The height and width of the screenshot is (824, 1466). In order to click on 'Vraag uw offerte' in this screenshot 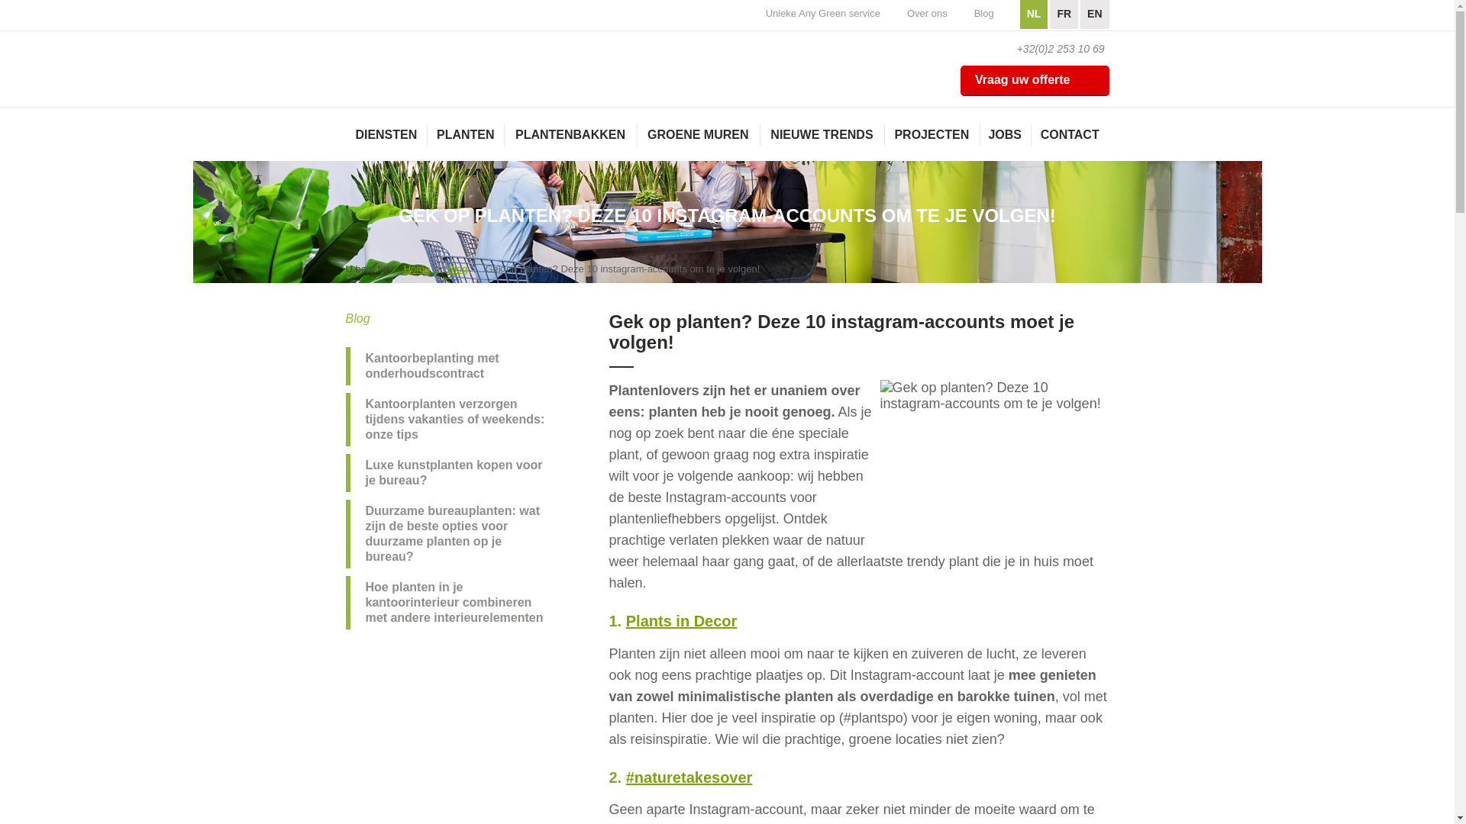, I will do `click(1034, 80)`.